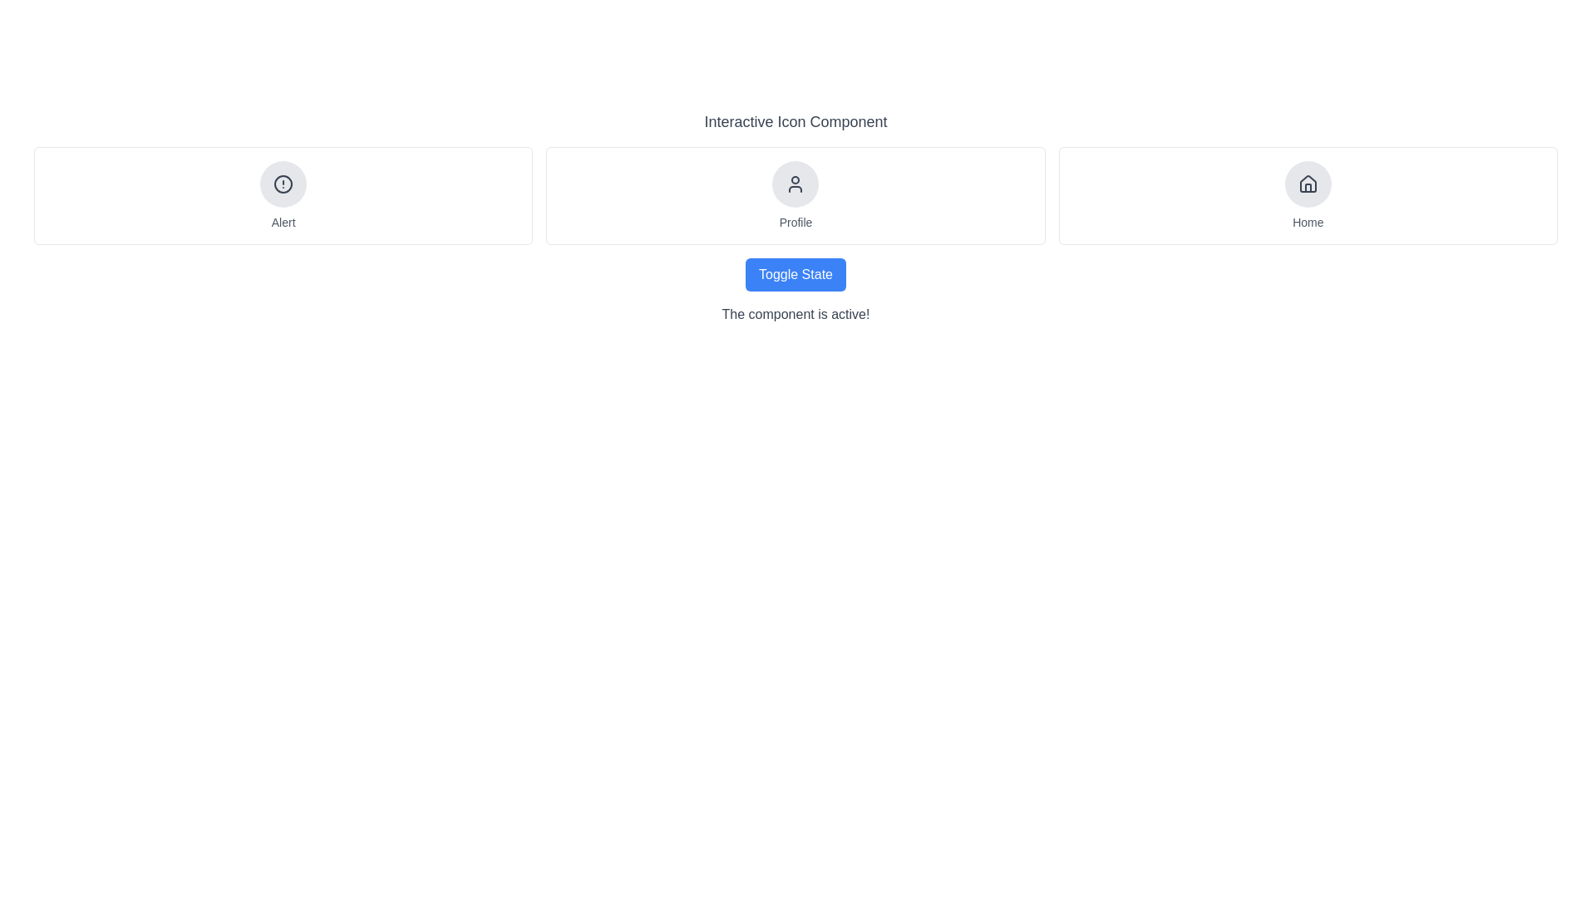 This screenshot has height=897, width=1596. I want to click on the text label that describes the function of the house icon above it, so click(1307, 221).